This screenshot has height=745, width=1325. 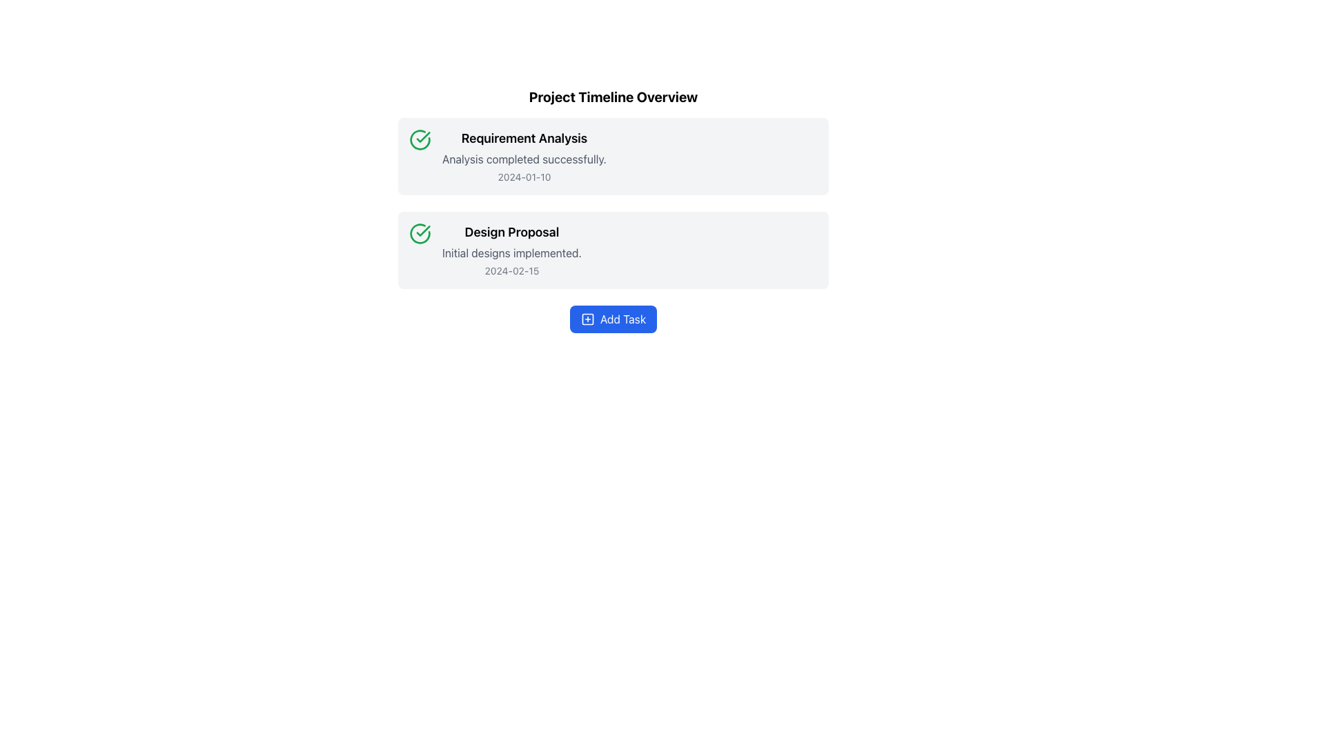 What do you see at coordinates (587, 319) in the screenshot?
I see `the 'Add Task' icon located immediately to the left of the text 'Add Task'` at bounding box center [587, 319].